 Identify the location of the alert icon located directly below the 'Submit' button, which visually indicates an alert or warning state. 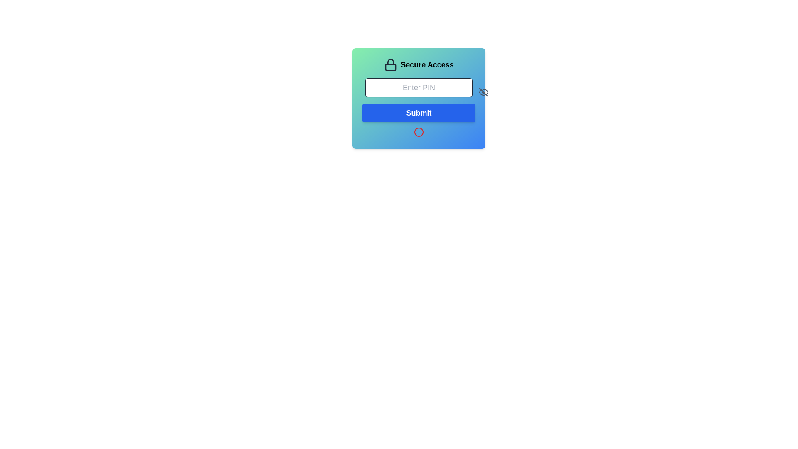
(419, 131).